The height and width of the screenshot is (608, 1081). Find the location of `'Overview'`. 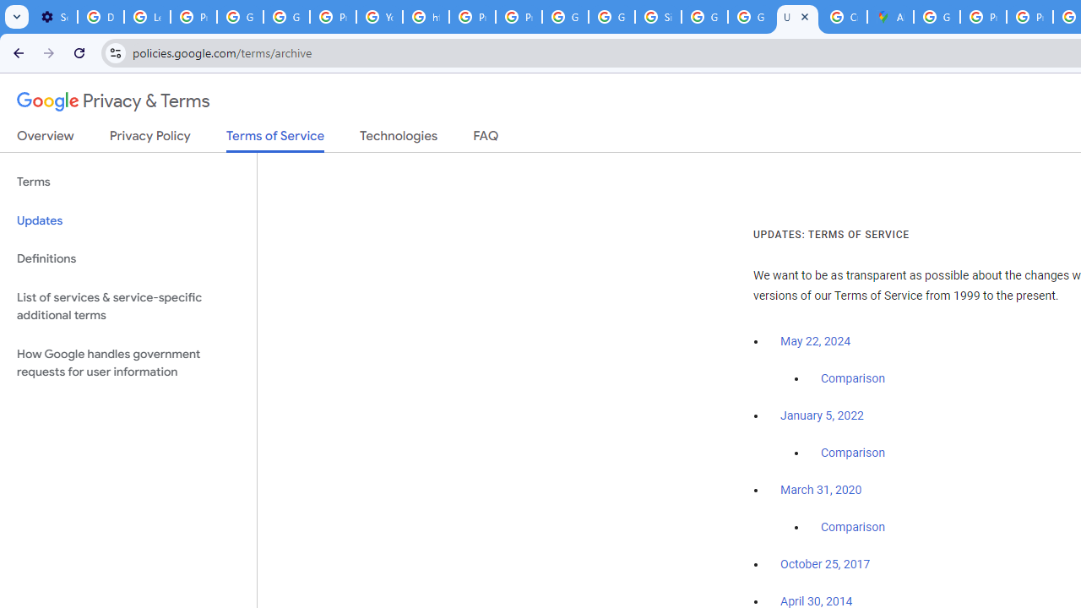

'Overview' is located at coordinates (46, 138).